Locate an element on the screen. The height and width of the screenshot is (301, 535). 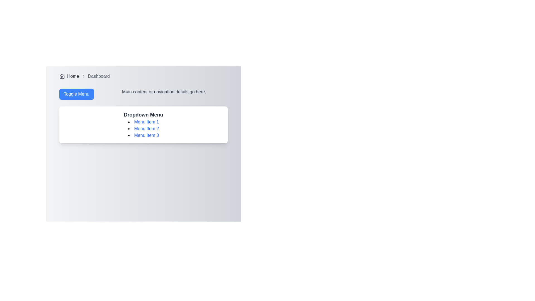
the breadcrumb navigation link that navigates to the homepage, located after the house icon and before the chevron icon, with the text 'Dashboard' is located at coordinates (73, 76).